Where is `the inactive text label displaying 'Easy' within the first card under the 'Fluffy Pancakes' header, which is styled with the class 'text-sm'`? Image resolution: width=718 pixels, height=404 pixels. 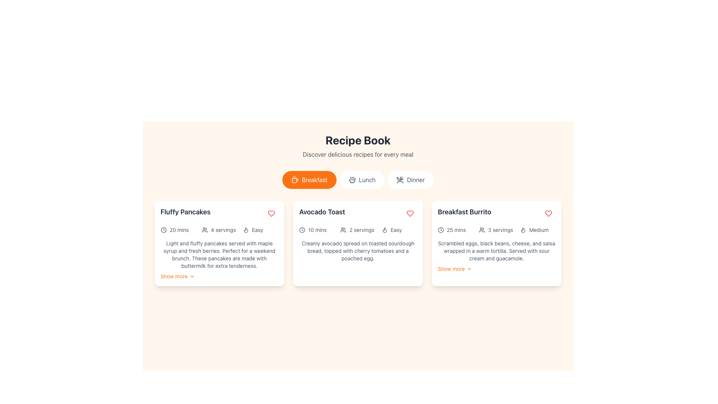 the inactive text label displaying 'Easy' within the first card under the 'Fluffy Pancakes' header, which is styled with the class 'text-sm' is located at coordinates (258, 229).